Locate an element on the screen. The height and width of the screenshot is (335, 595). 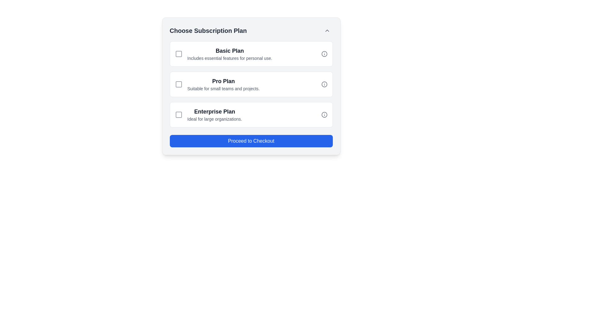
the 'Basic Plan' subscription title heading text located at the top of the subscription card, which provides clarity about the associated plan is located at coordinates (229, 51).